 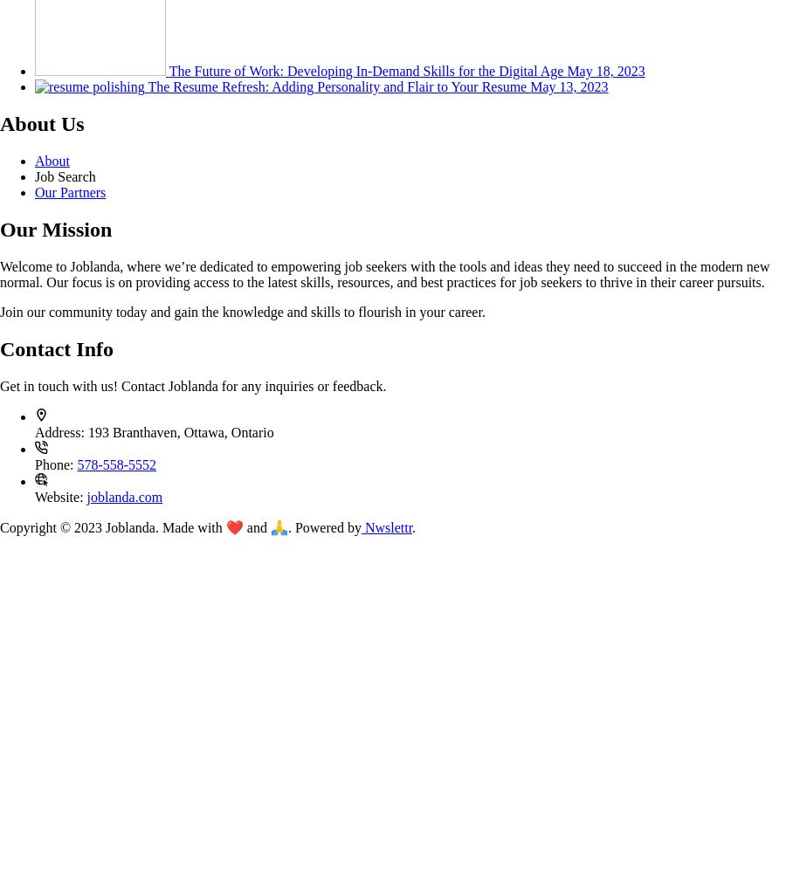 I want to click on 'About', so click(x=52, y=161).